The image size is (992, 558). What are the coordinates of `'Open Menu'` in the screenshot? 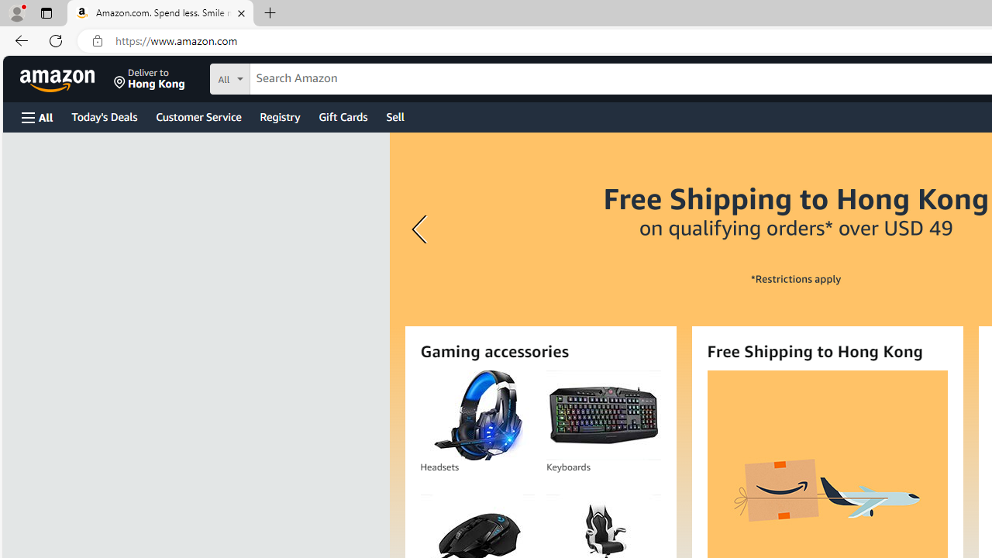 It's located at (37, 116).